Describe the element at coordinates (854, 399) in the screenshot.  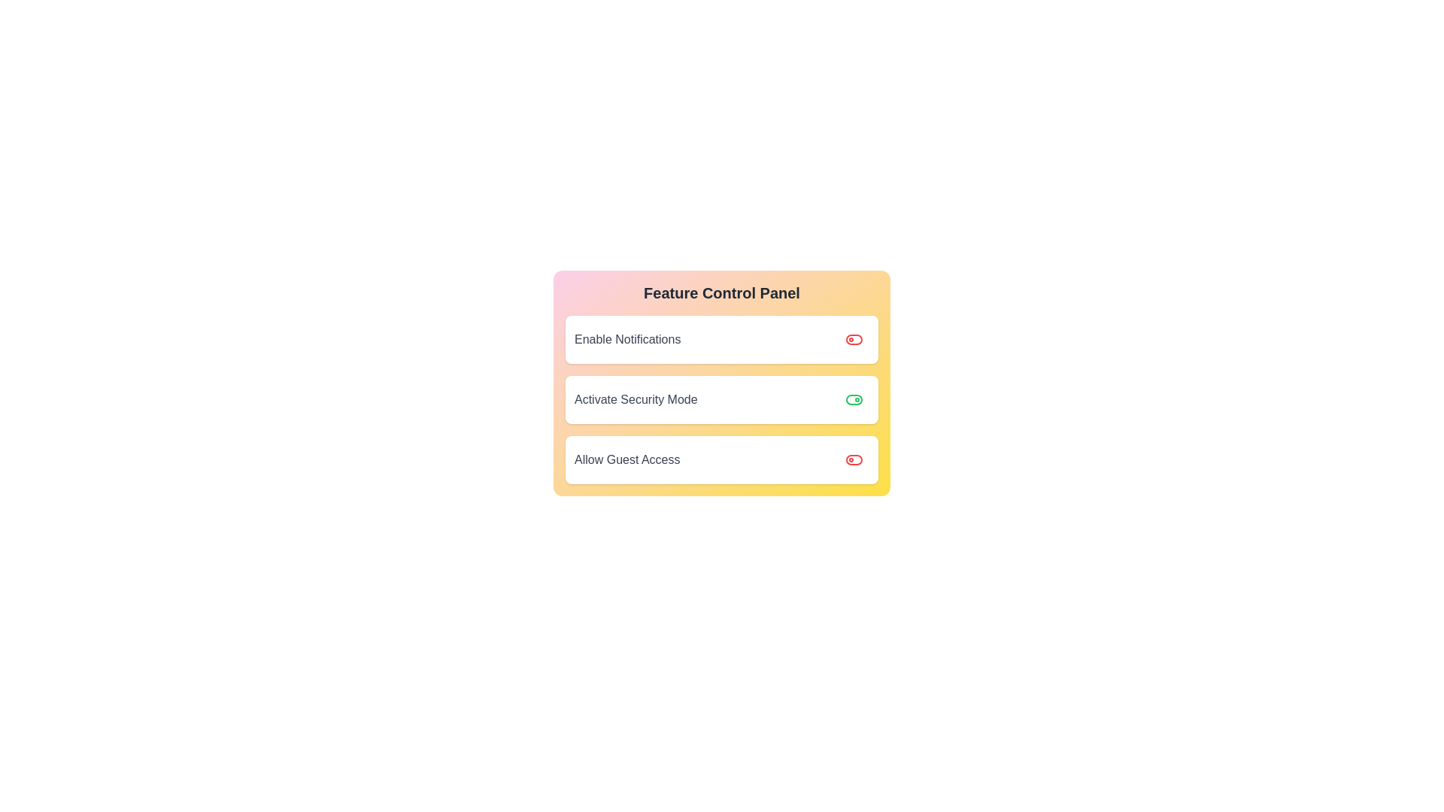
I see `the toggle switch within the 'Activate Security Mode' card layout to turn the security mode on or off` at that location.